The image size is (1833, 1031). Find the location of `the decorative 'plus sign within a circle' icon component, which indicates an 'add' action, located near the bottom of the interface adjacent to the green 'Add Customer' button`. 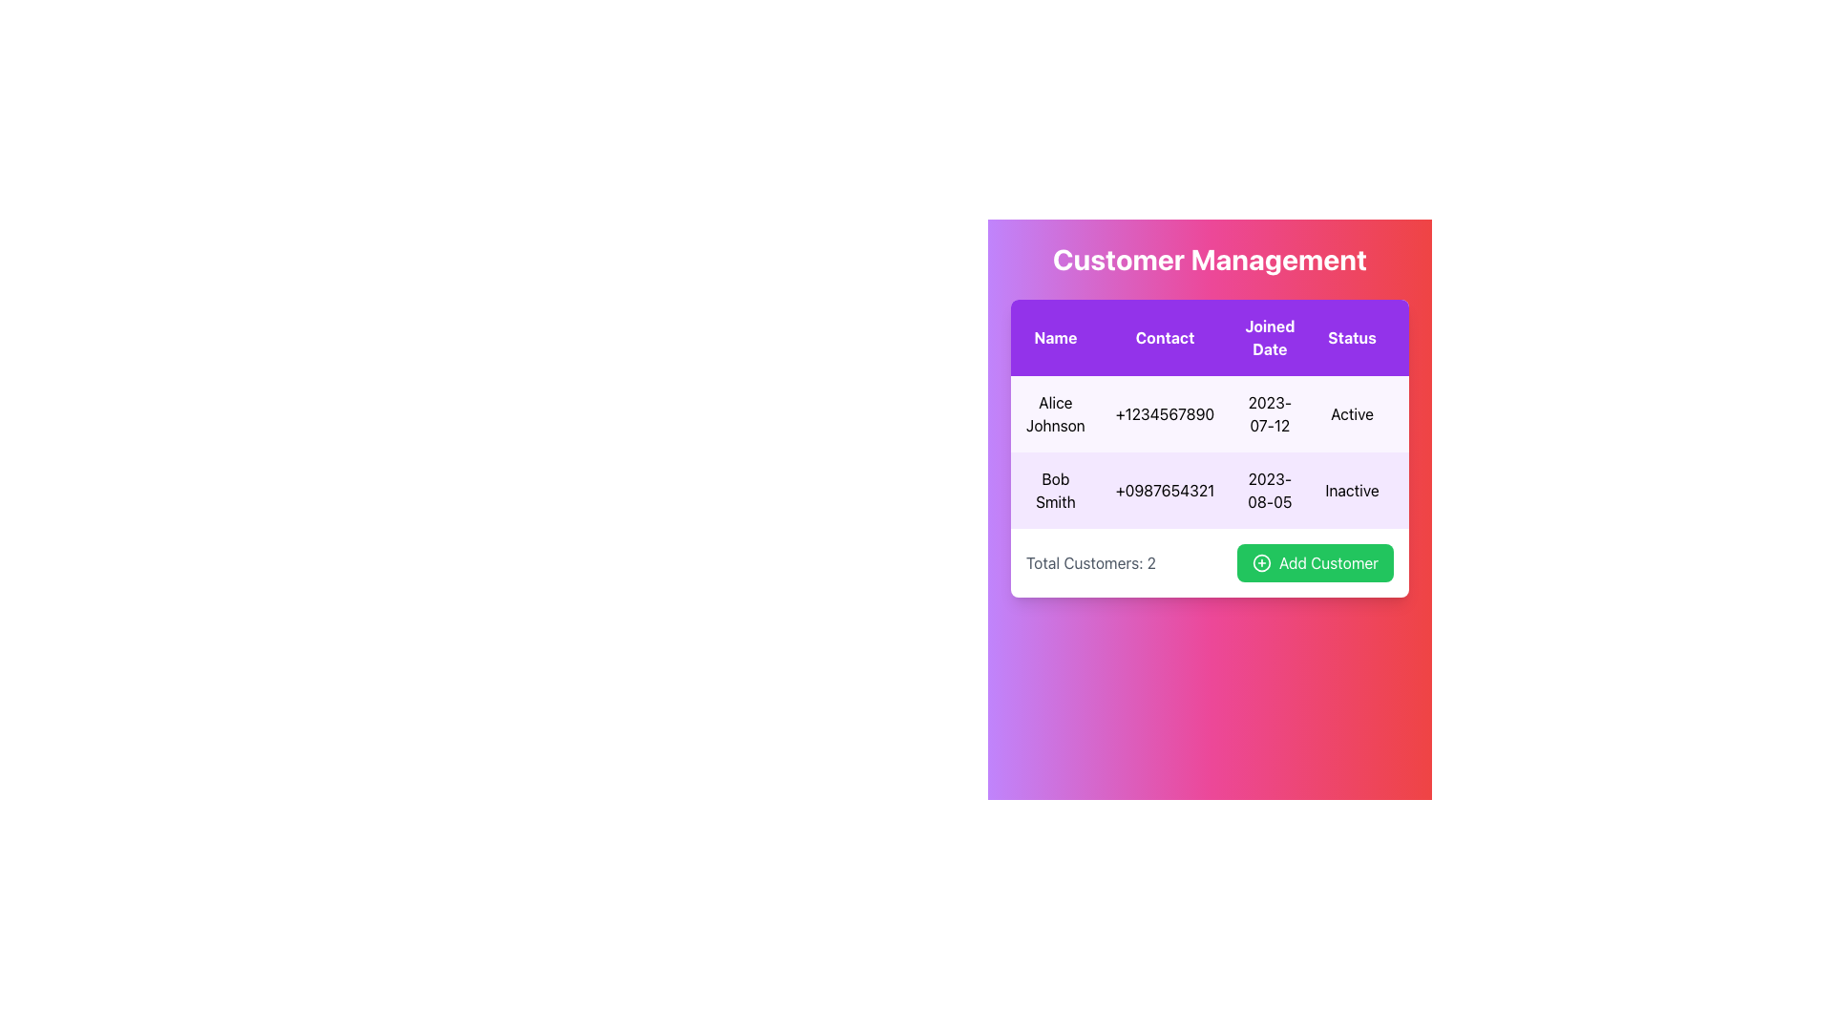

the decorative 'plus sign within a circle' icon component, which indicates an 'add' action, located near the bottom of the interface adjacent to the green 'Add Customer' button is located at coordinates (1261, 562).